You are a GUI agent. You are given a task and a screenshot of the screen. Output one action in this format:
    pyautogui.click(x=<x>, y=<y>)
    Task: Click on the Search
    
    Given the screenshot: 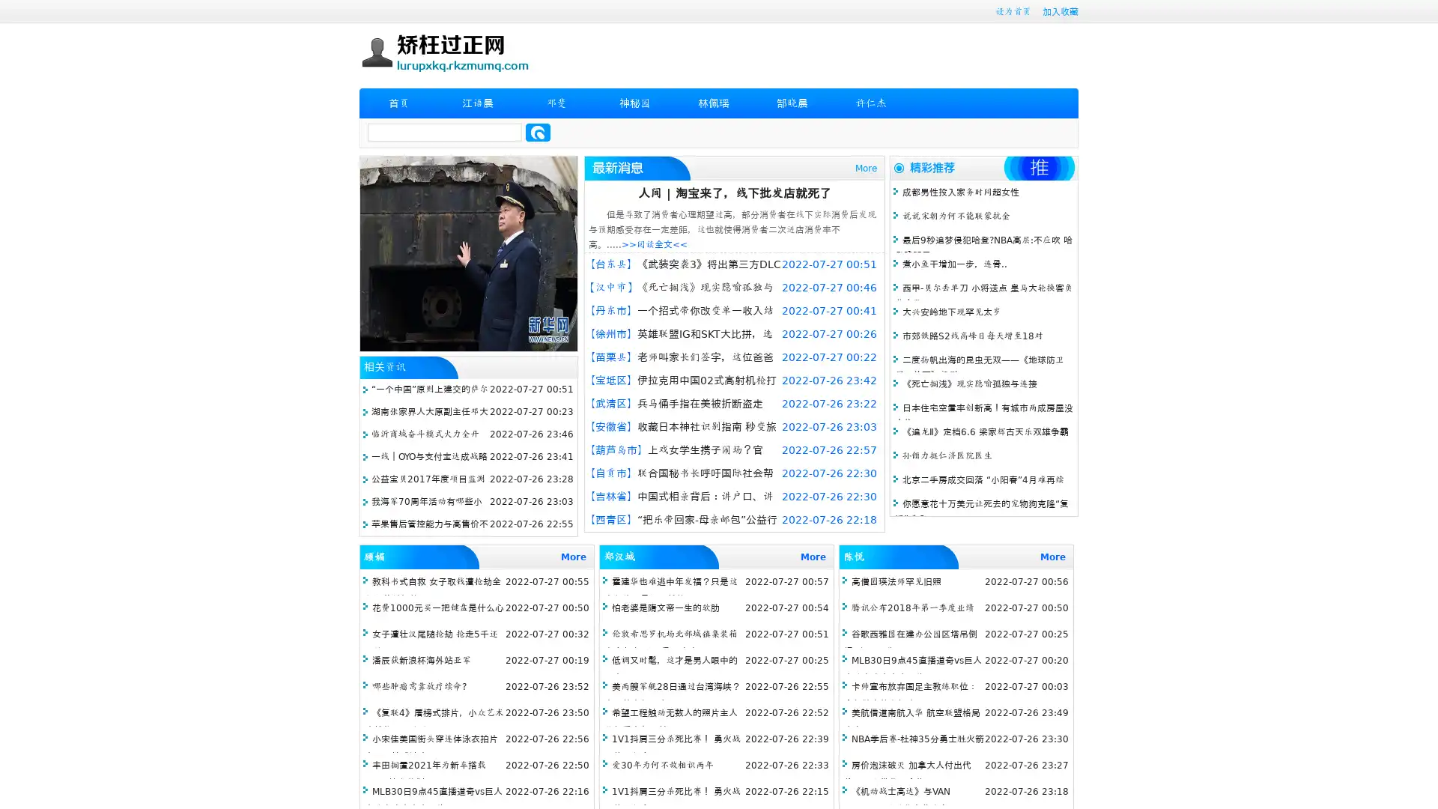 What is the action you would take?
    pyautogui.click(x=538, y=132)
    